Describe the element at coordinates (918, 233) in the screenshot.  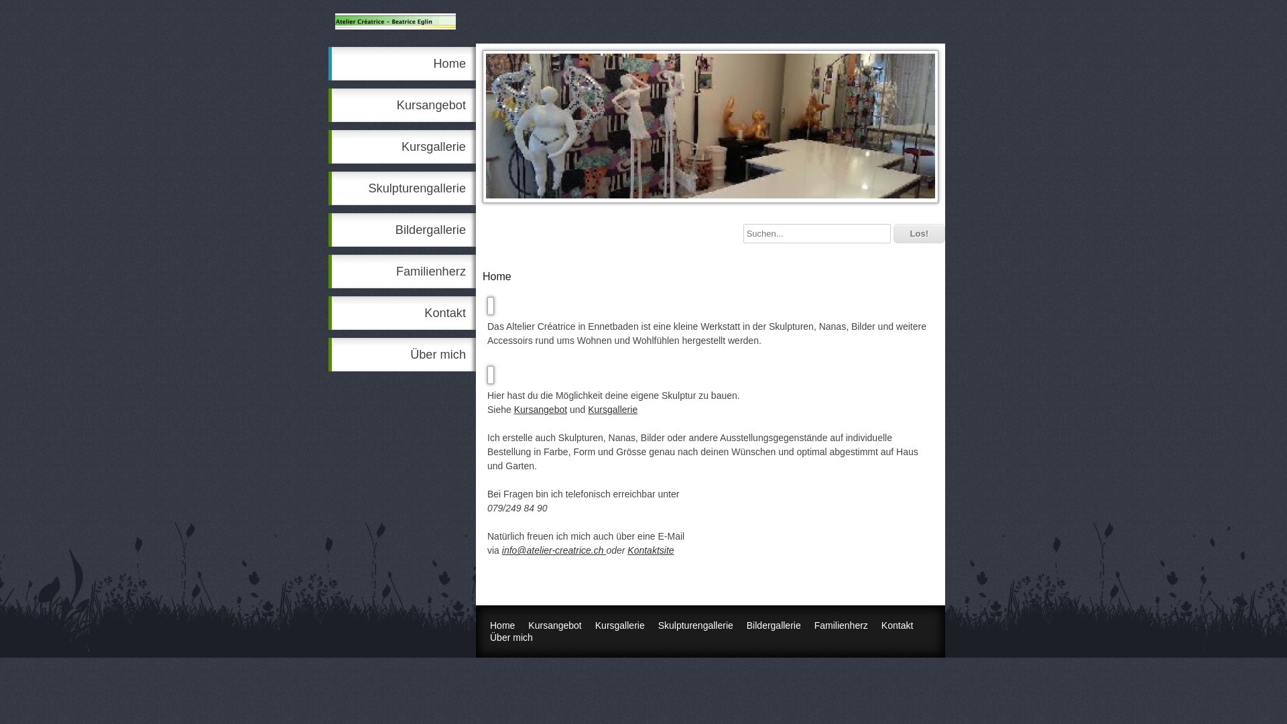
I see `'Los!'` at that location.